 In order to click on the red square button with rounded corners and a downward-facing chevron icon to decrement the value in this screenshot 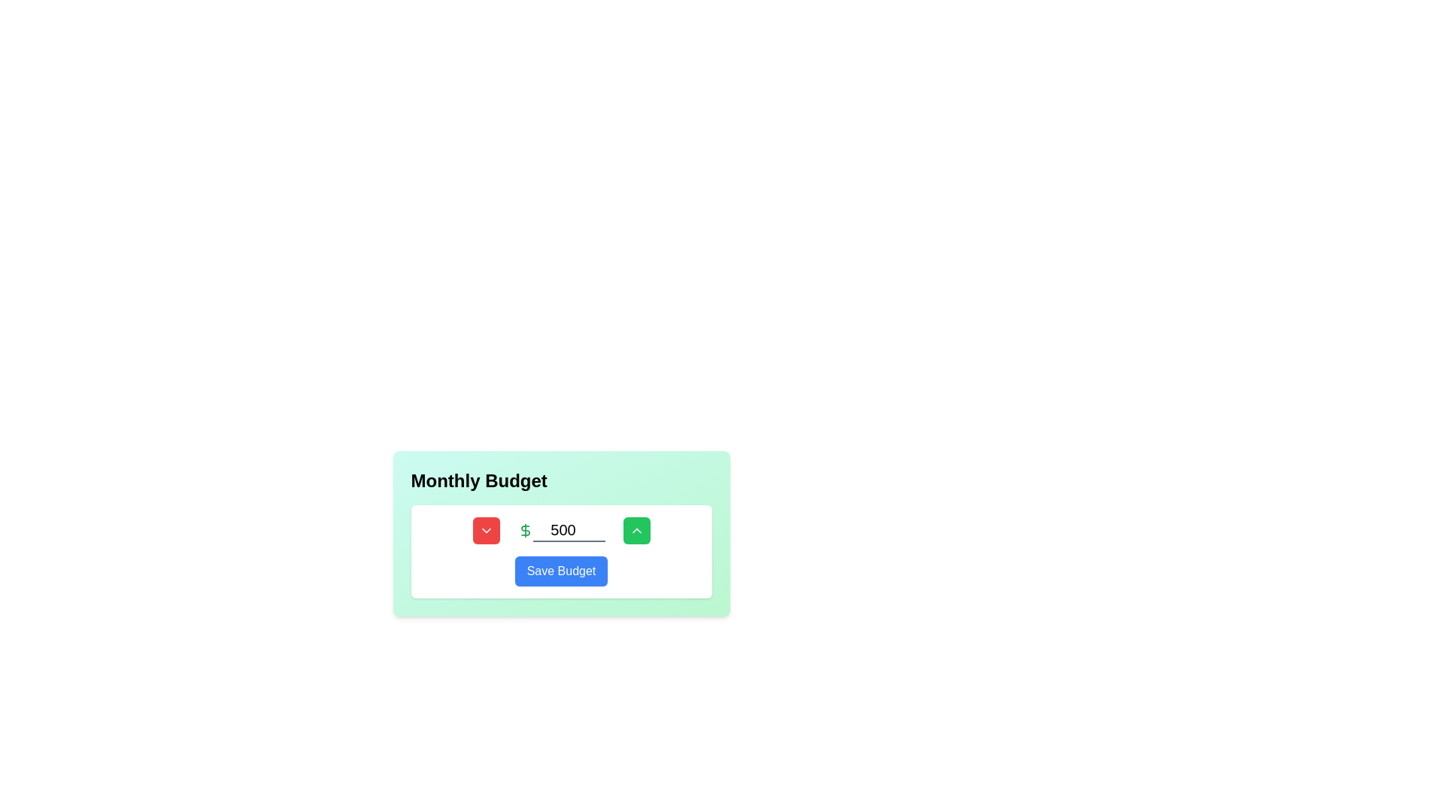, I will do `click(486, 529)`.